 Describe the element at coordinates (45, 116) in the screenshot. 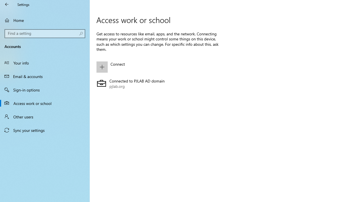

I see `'Other users'` at that location.